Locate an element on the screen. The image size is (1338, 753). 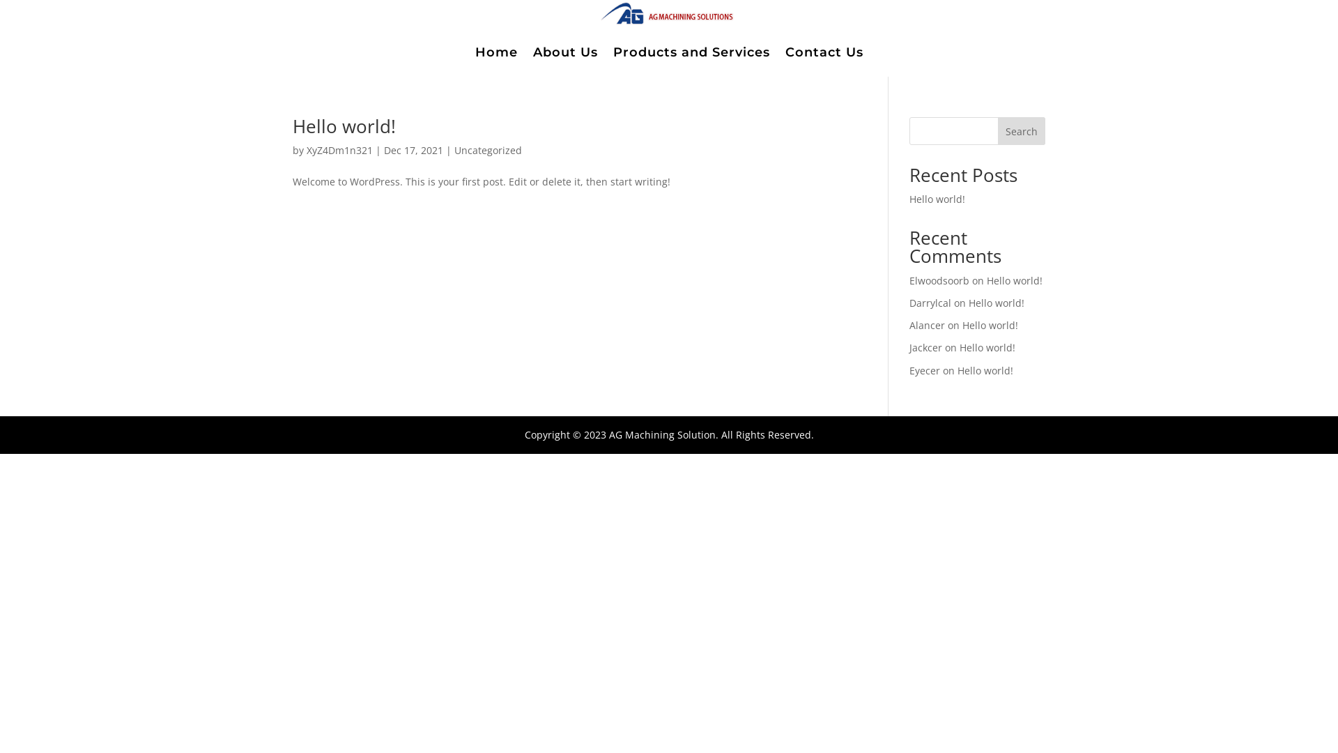
'Products and Services' is located at coordinates (691, 51).